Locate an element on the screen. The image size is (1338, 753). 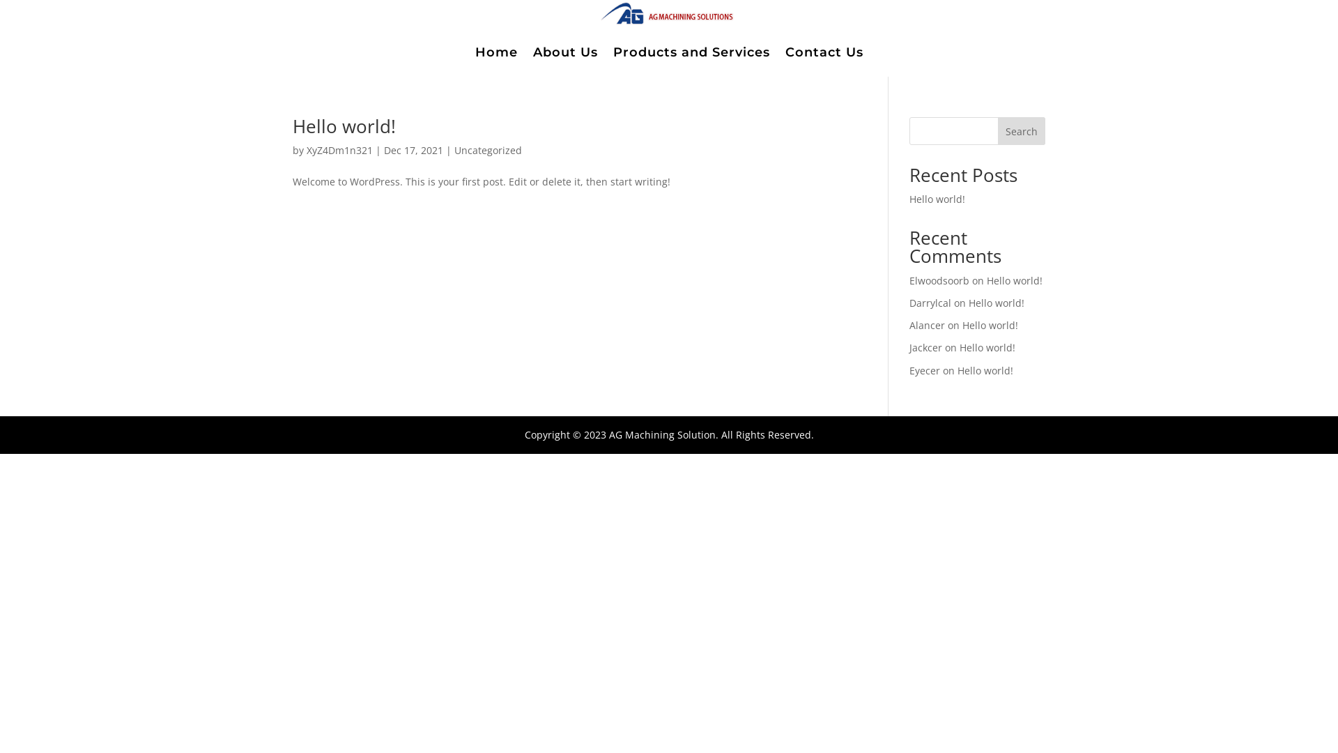
'Products and Services' is located at coordinates (691, 51).